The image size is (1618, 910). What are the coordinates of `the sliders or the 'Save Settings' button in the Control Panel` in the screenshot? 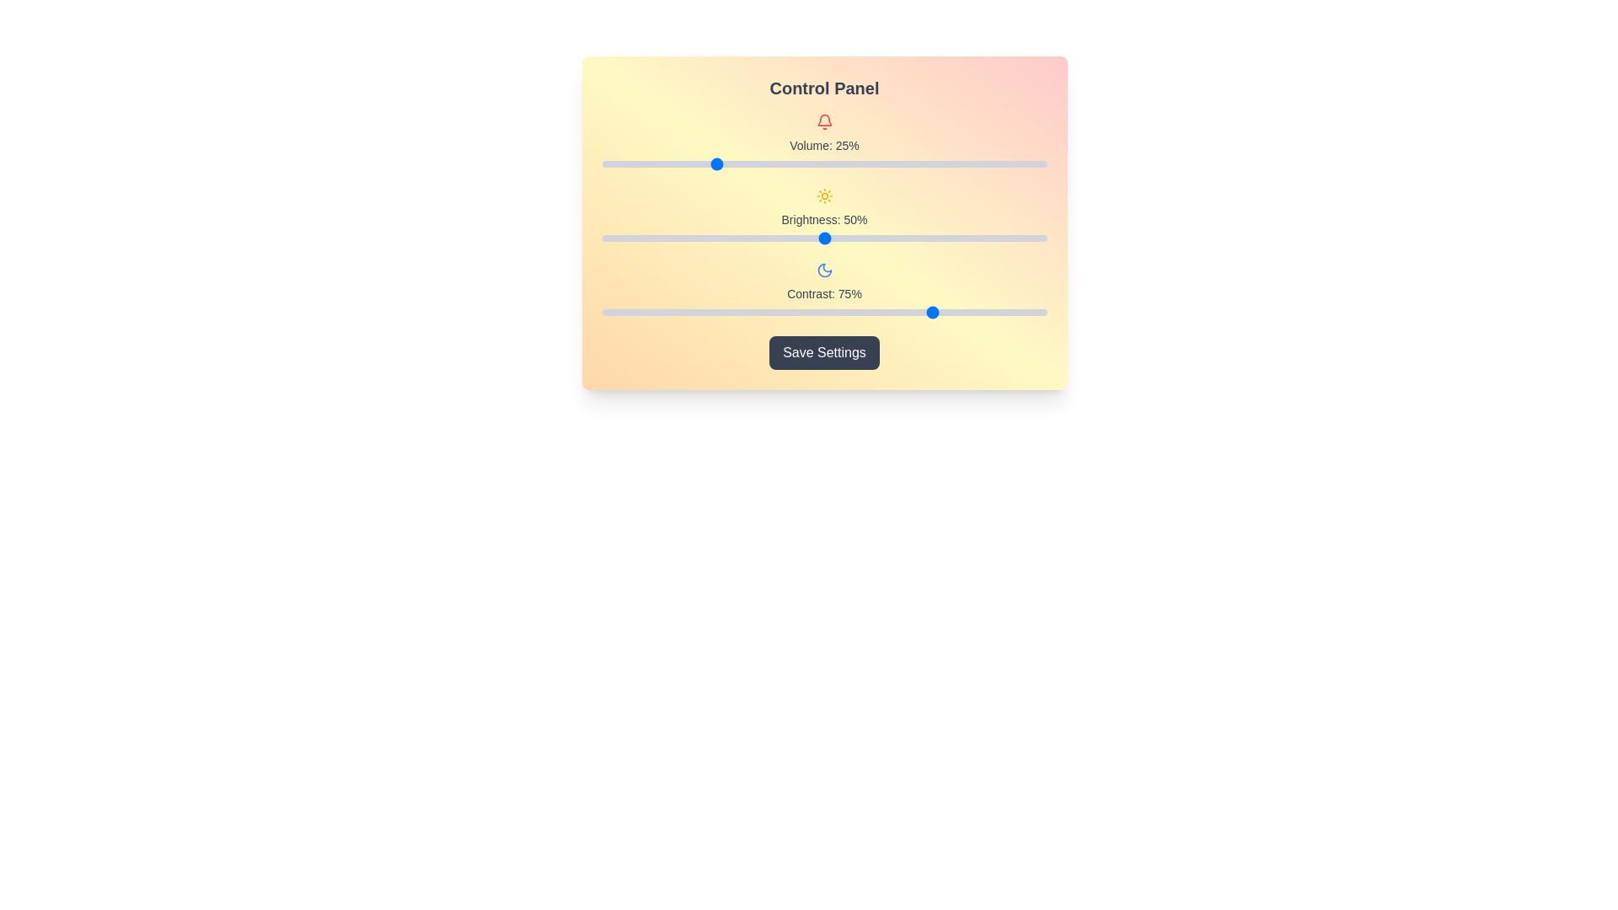 It's located at (824, 222).